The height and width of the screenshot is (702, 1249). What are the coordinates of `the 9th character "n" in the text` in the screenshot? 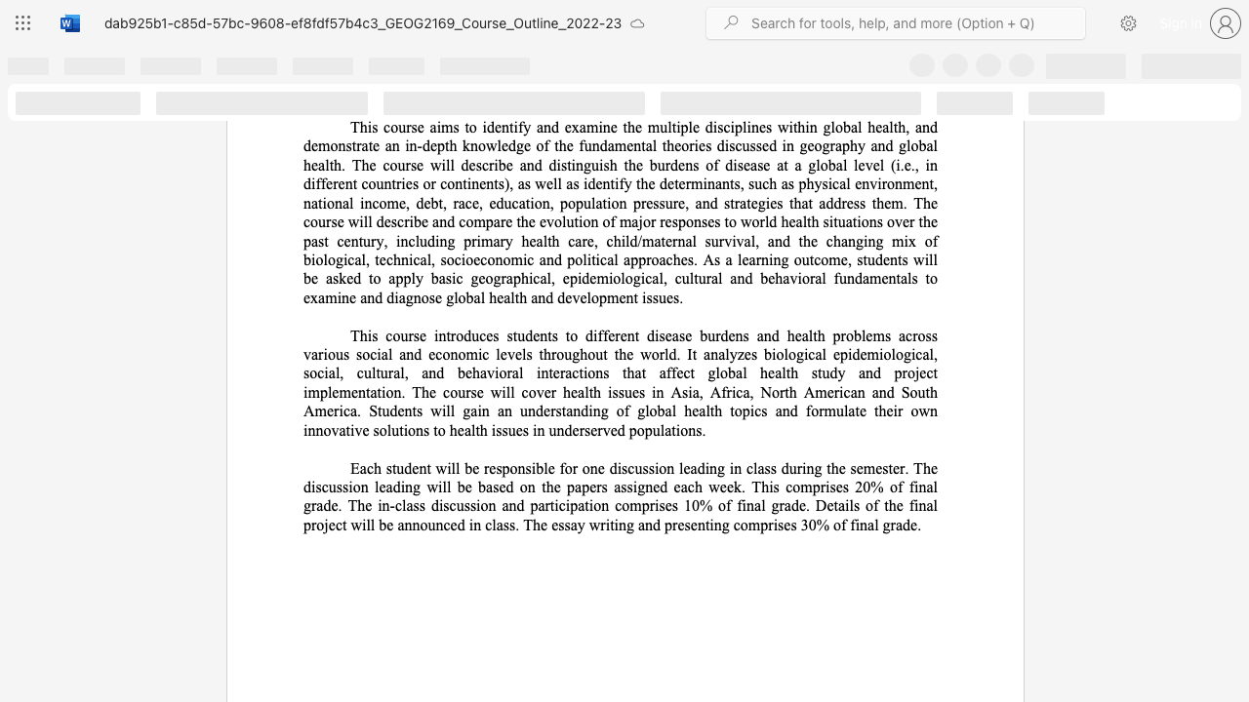 It's located at (368, 203).